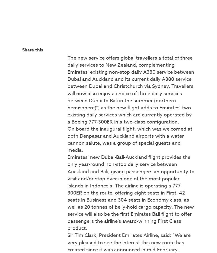  Describe the element at coordinates (113, 24) in the screenshot. I see `'22 November 2023'` at that location.